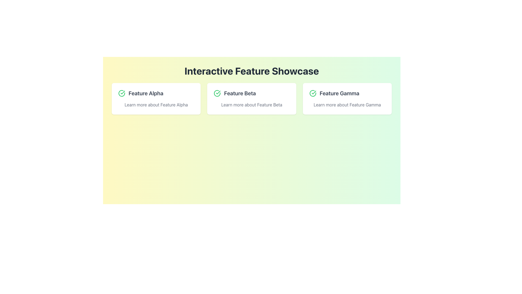 Image resolution: width=522 pixels, height=294 pixels. What do you see at coordinates (217, 93) in the screenshot?
I see `the green circular icon with a checkmark that is located before the text 'Feature Beta'` at bounding box center [217, 93].